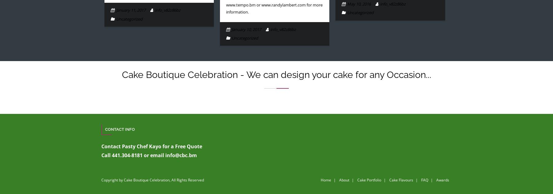 The image size is (553, 194). I want to click on 'Contact Pasty Chef Kayo for a Free Quote', so click(101, 146).